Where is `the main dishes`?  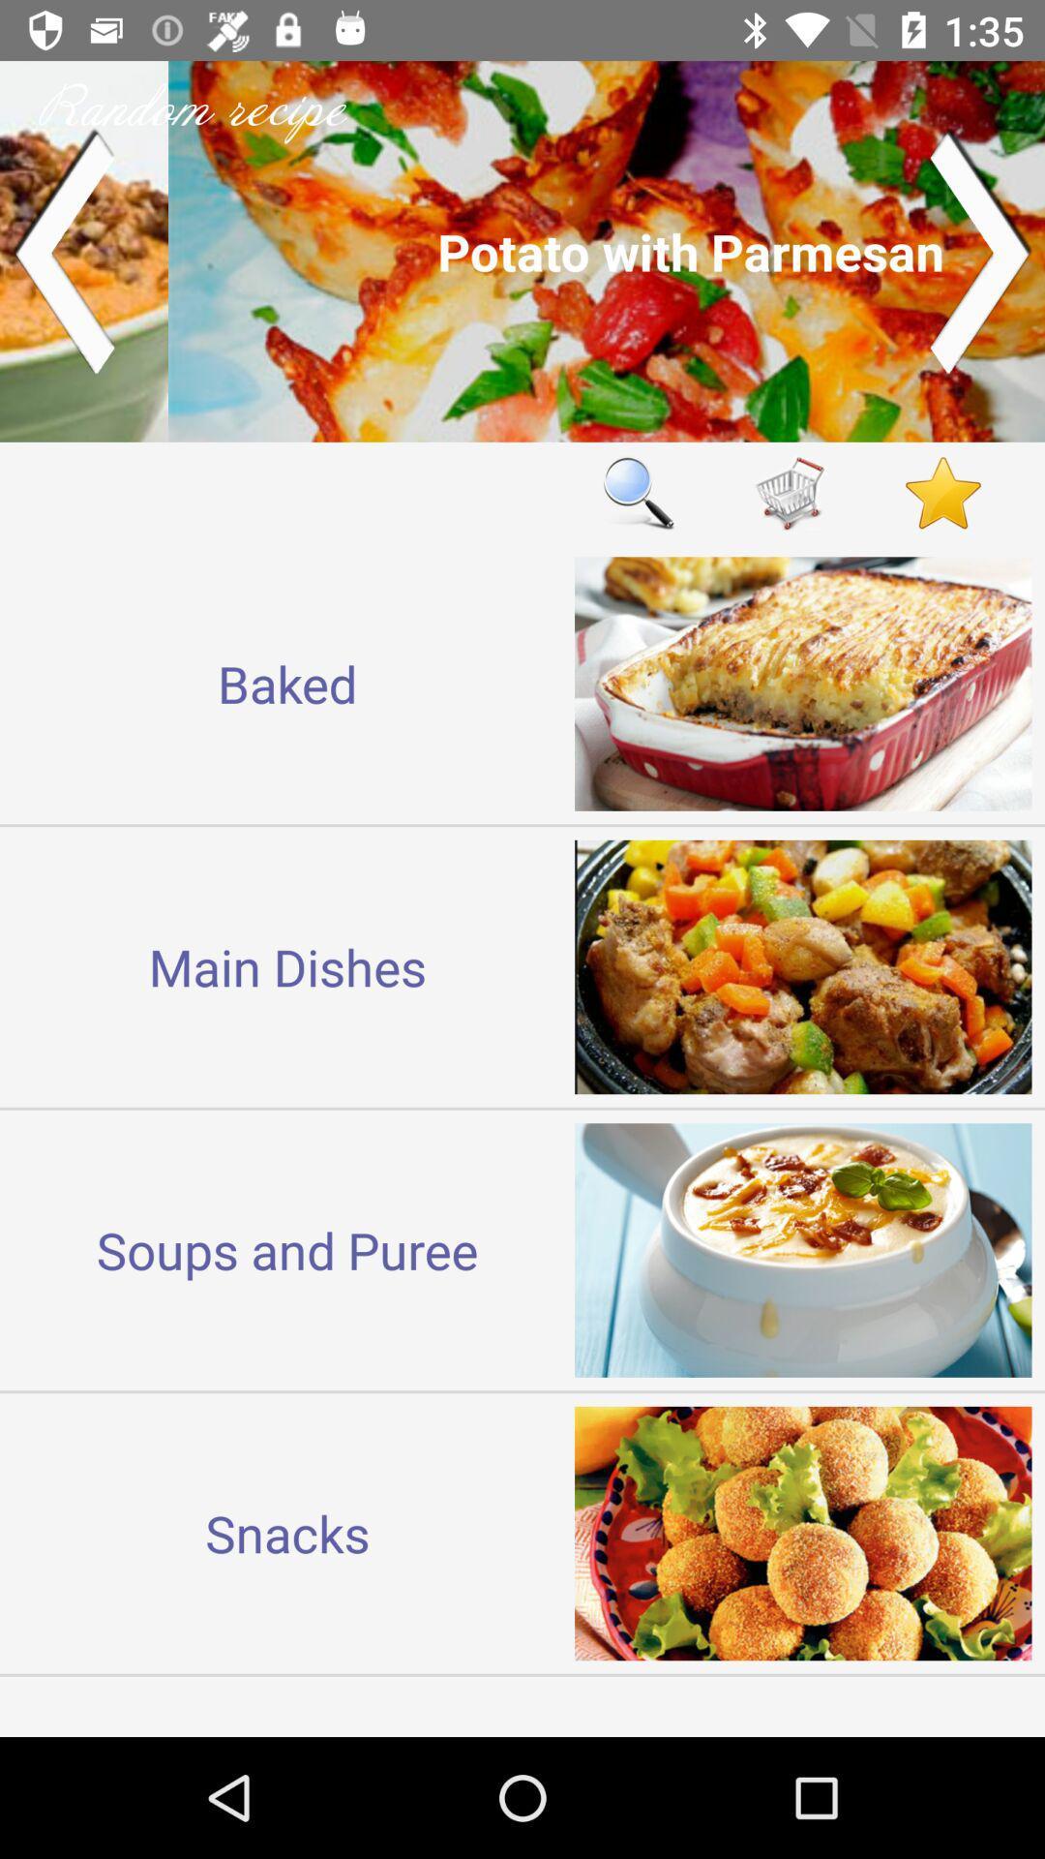 the main dishes is located at coordinates (287, 966).